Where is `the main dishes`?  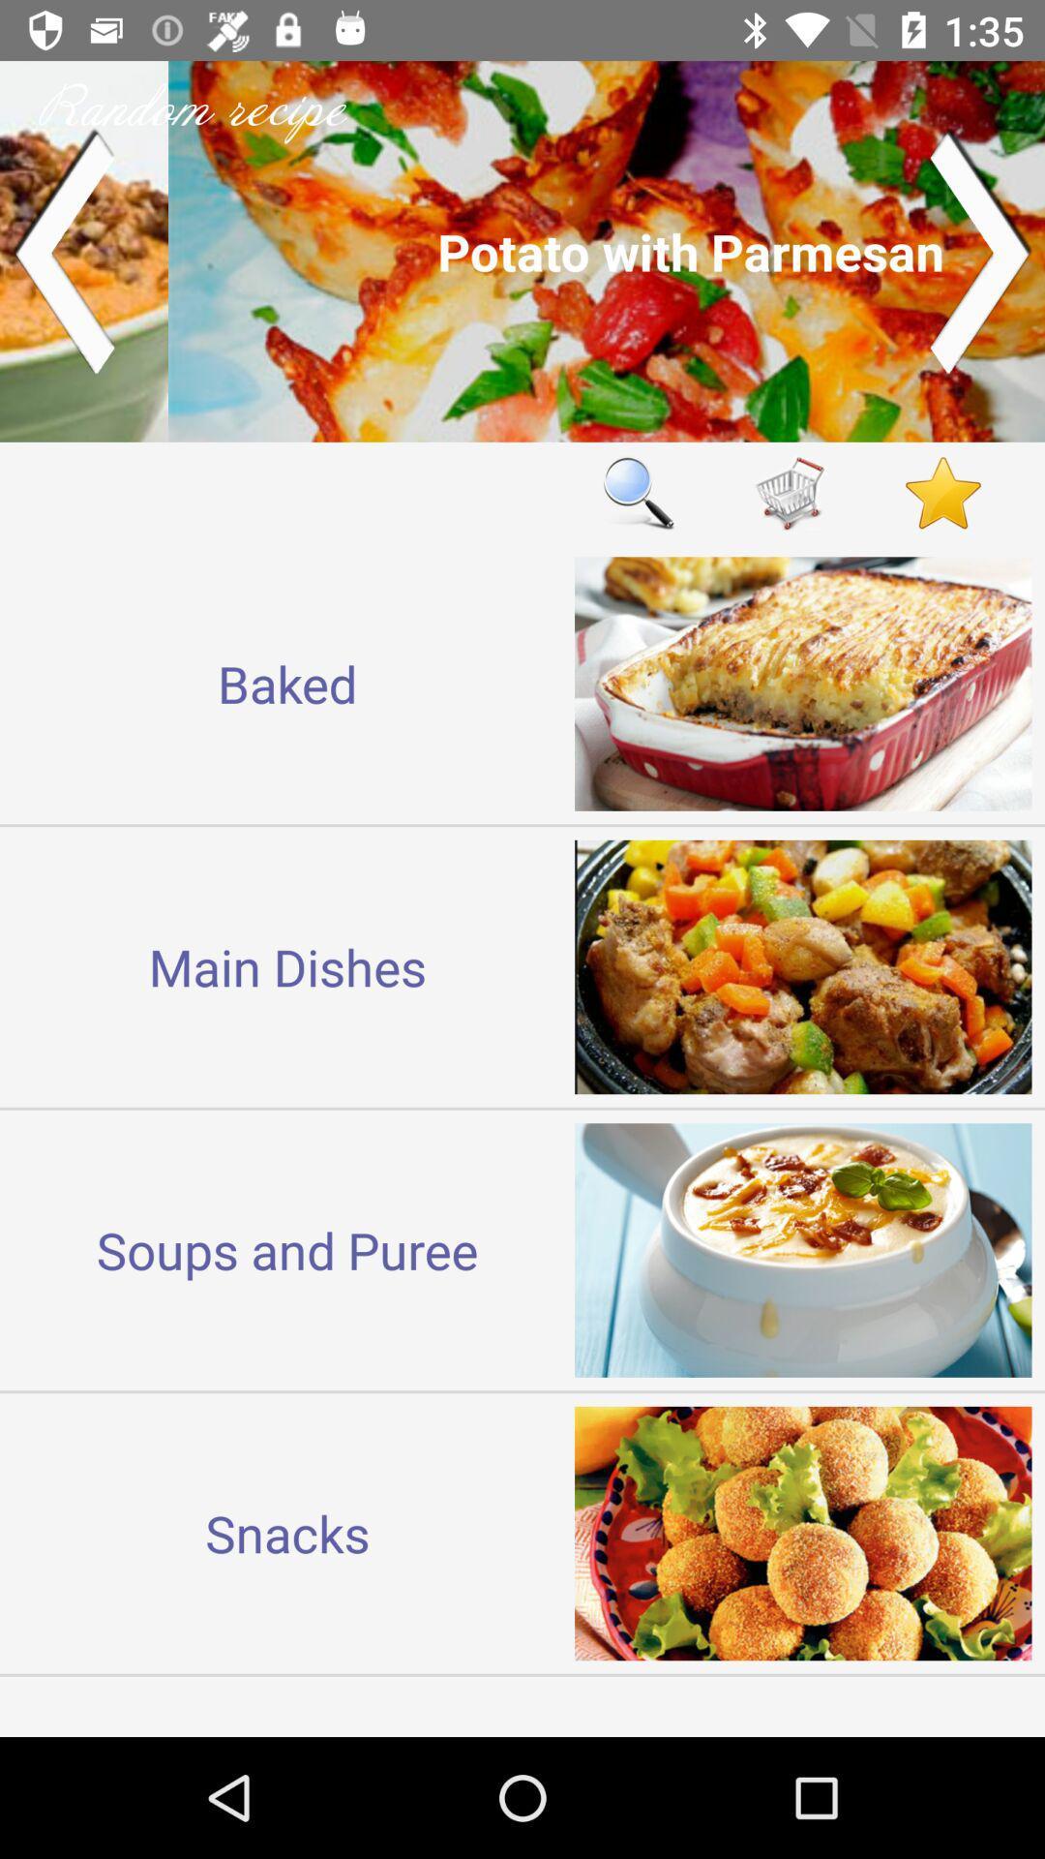 the main dishes is located at coordinates (287, 966).